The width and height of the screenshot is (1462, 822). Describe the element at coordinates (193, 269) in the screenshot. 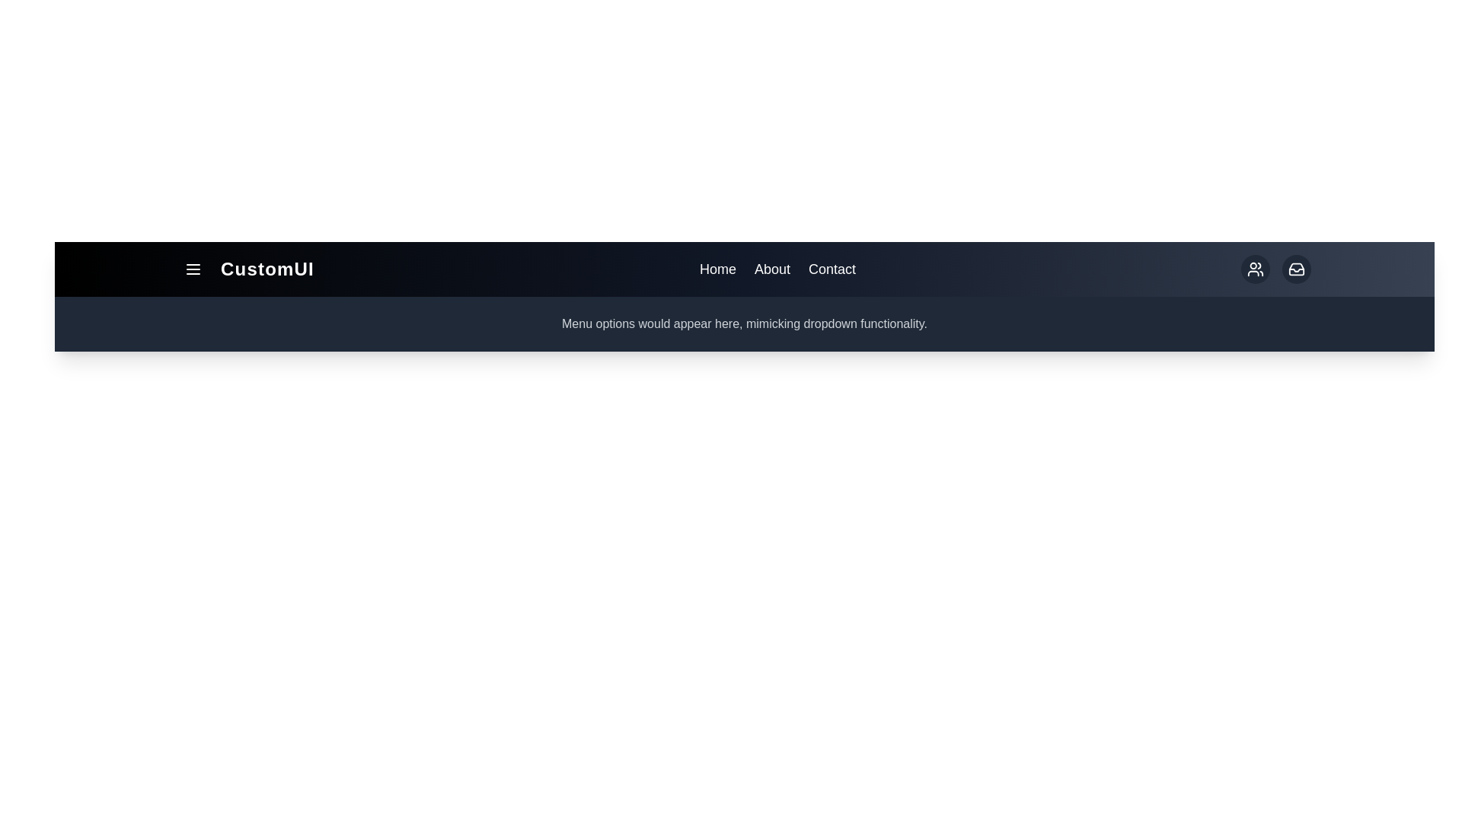

I see `the menu button to toggle the menu visibility` at that location.